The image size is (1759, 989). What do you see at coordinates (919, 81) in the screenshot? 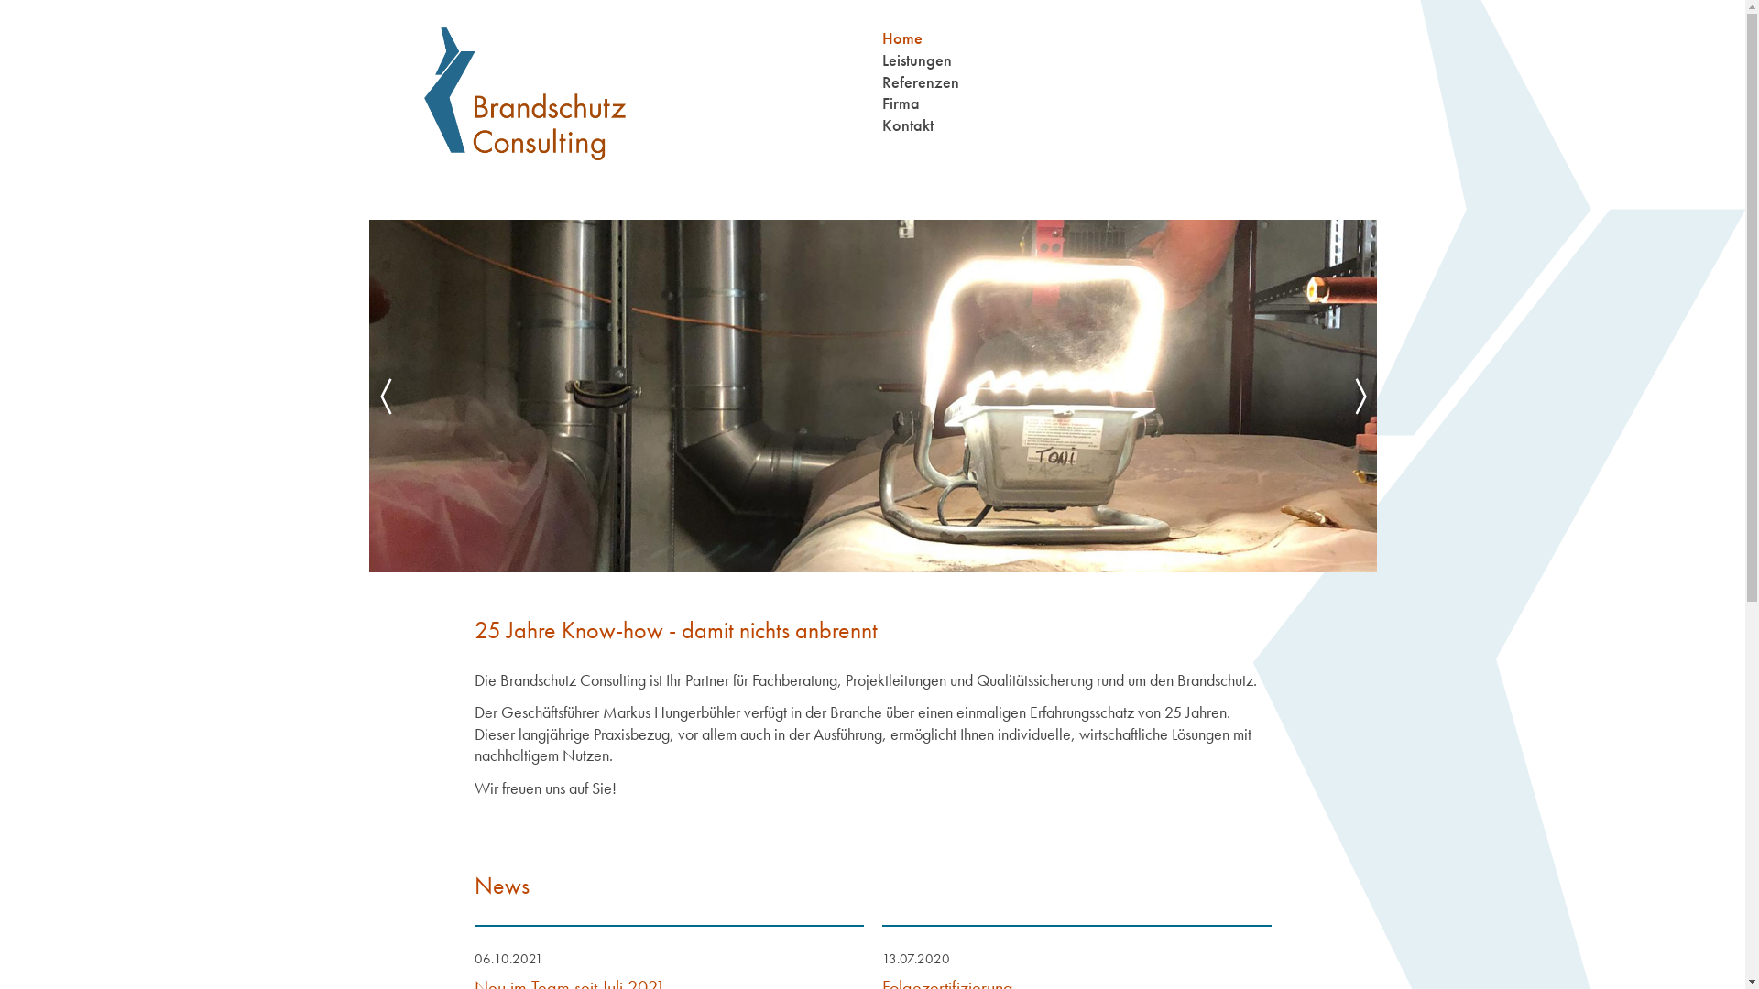
I see `'Referenzen'` at bounding box center [919, 81].